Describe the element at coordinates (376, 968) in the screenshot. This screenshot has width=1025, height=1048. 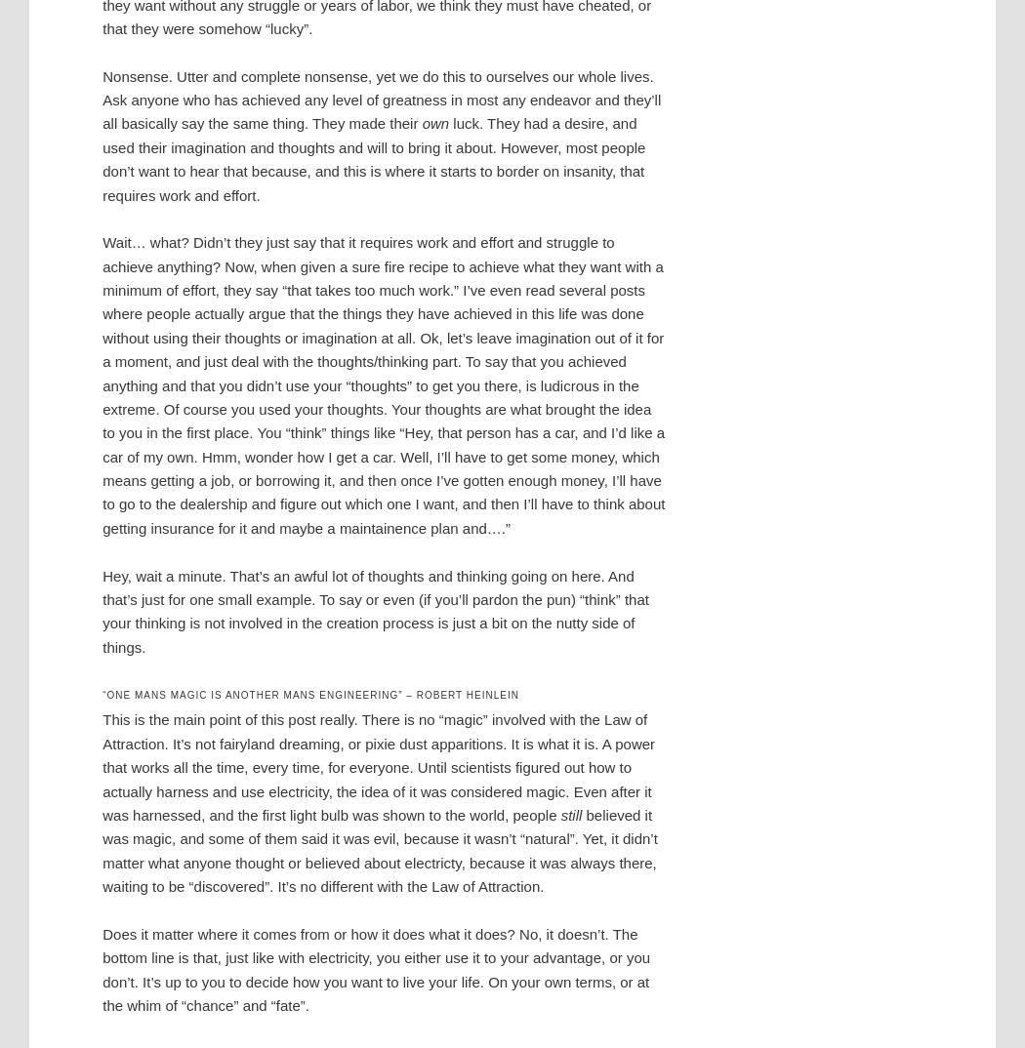
I see `'Does it matter where it comes from or how it does what it does? No, it doesn’t. The bottom line is that, just like with electricity, you either use it to your advantage, or you don’t. It’s up to you to decide how you want to live your life. On your own terms, or at the whim of “chance” and “fate”.'` at that location.